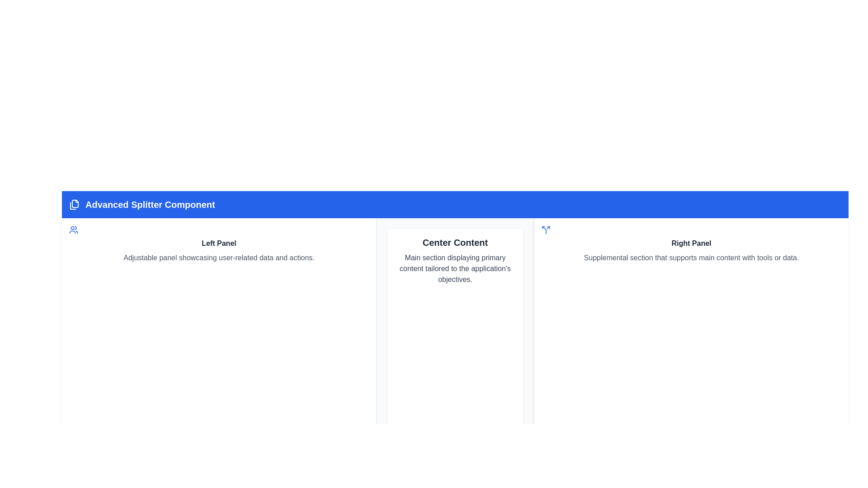  I want to click on the splitter, so click(71, 206).